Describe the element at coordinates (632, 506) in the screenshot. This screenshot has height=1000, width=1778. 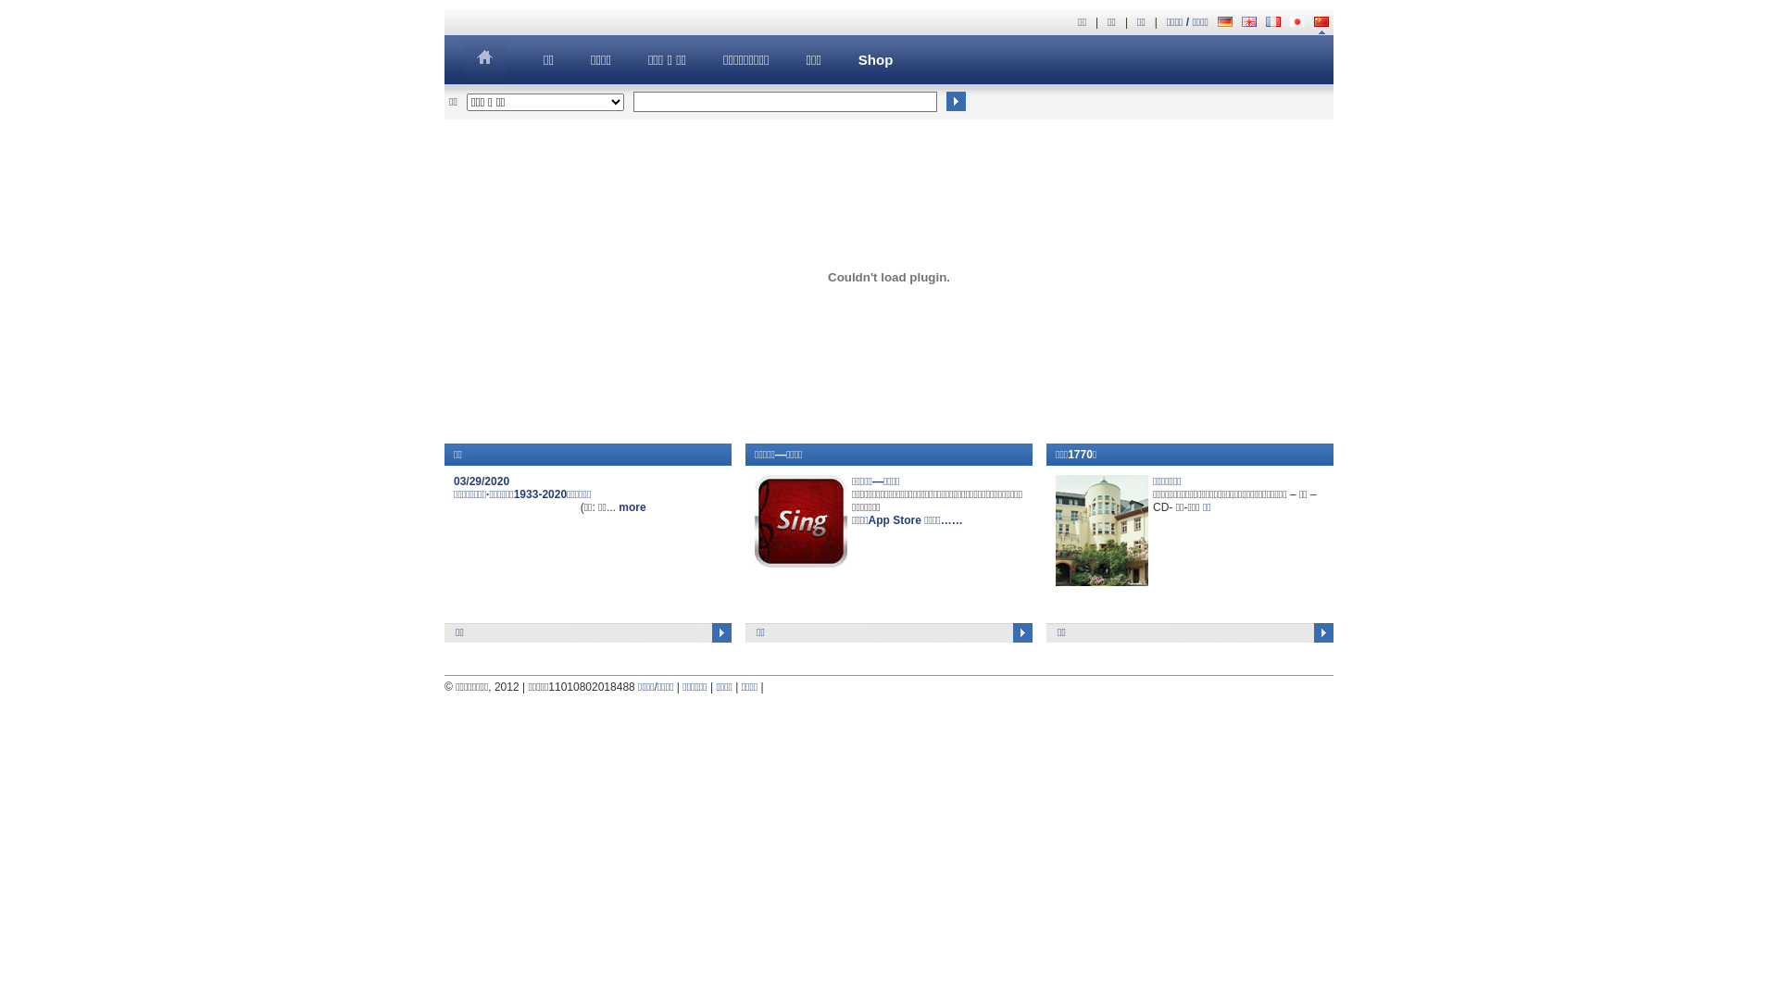
I see `'more'` at that location.